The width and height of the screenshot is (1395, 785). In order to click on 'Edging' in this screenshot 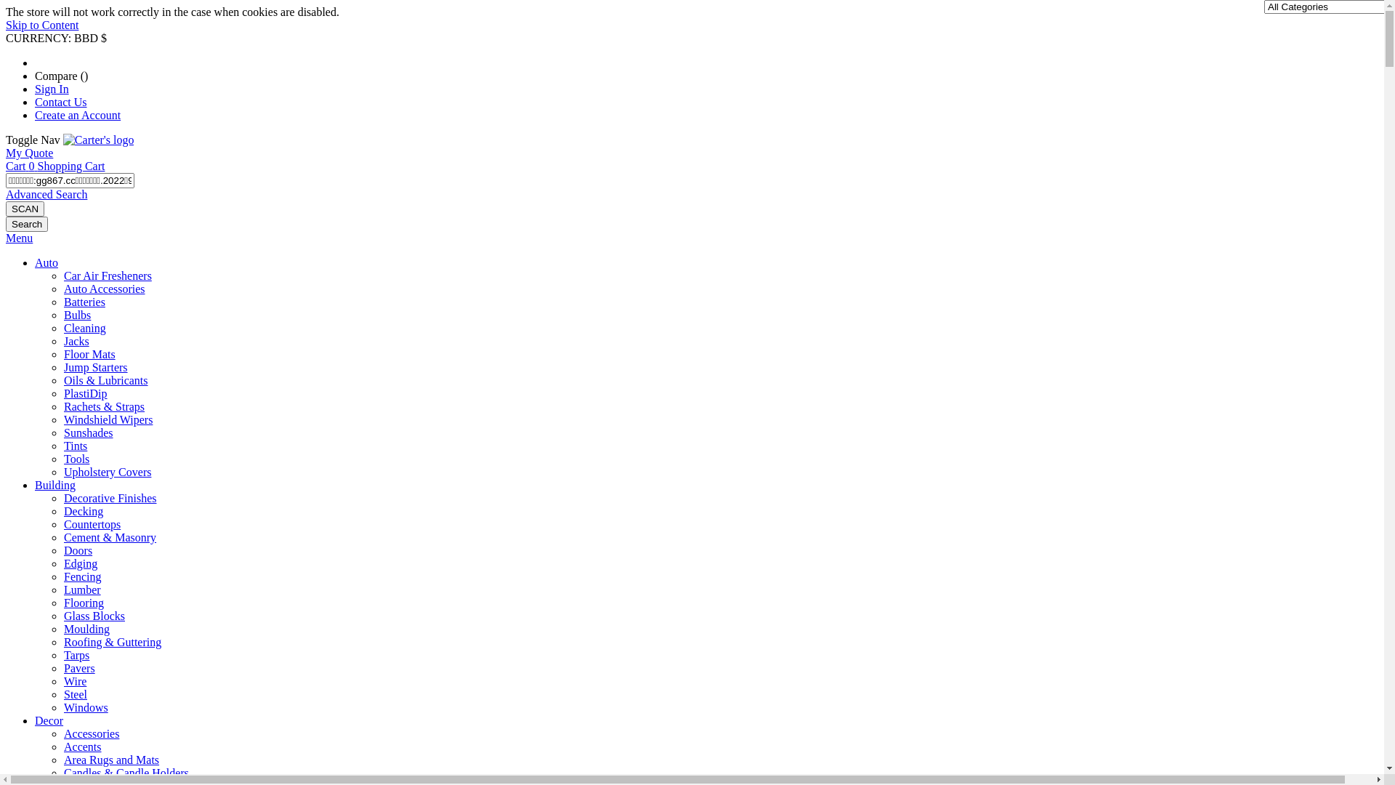, I will do `click(79, 563)`.